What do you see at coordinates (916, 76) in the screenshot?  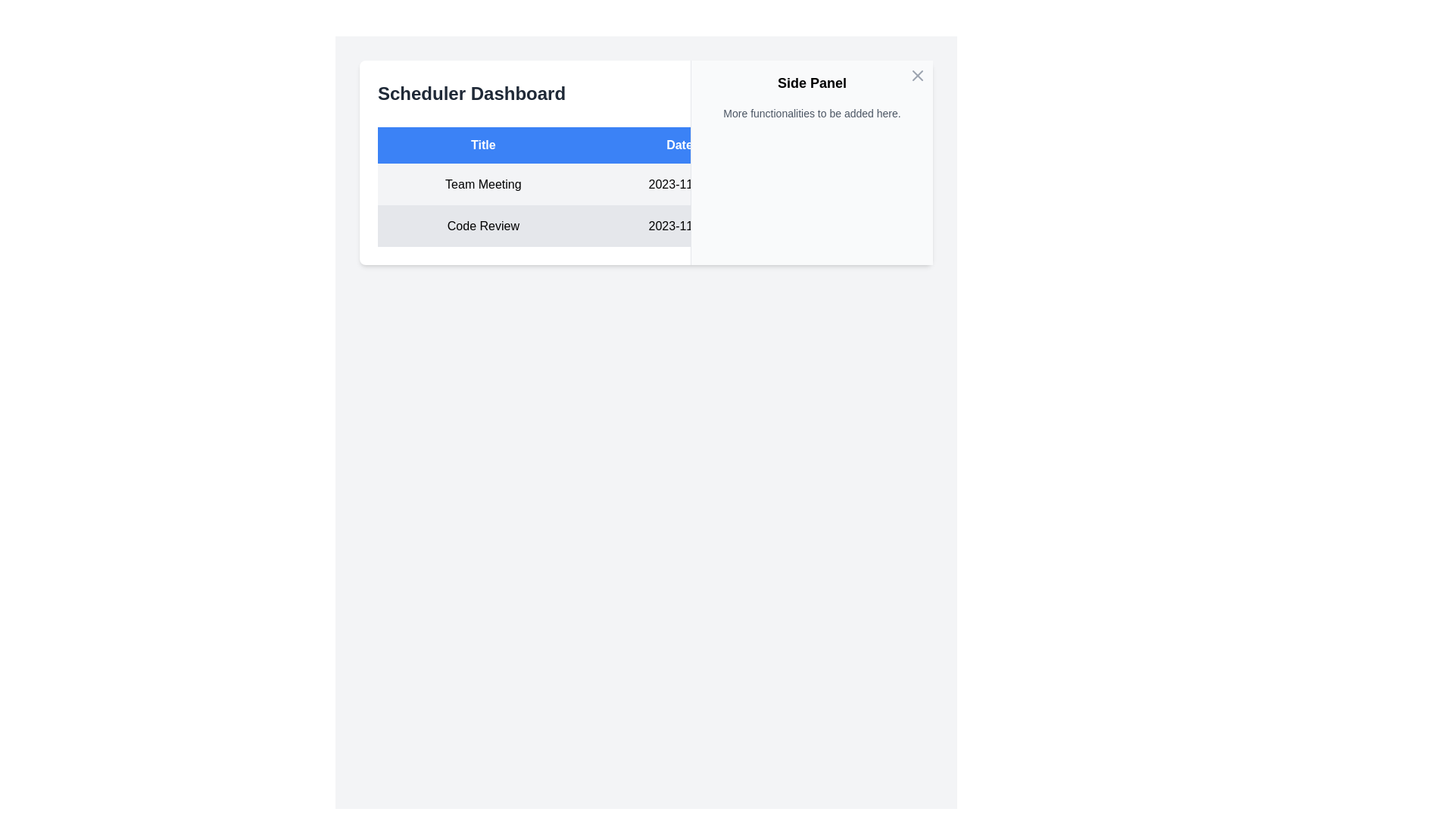 I see `the 'X' icon located in the top-right corner of the Side Panel` at bounding box center [916, 76].